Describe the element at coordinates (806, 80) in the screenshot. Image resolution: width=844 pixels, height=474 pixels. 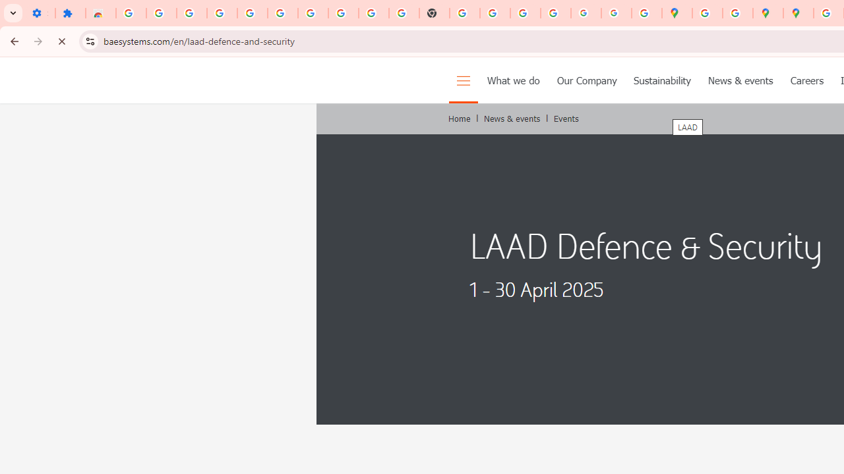
I see `'Careers'` at that location.